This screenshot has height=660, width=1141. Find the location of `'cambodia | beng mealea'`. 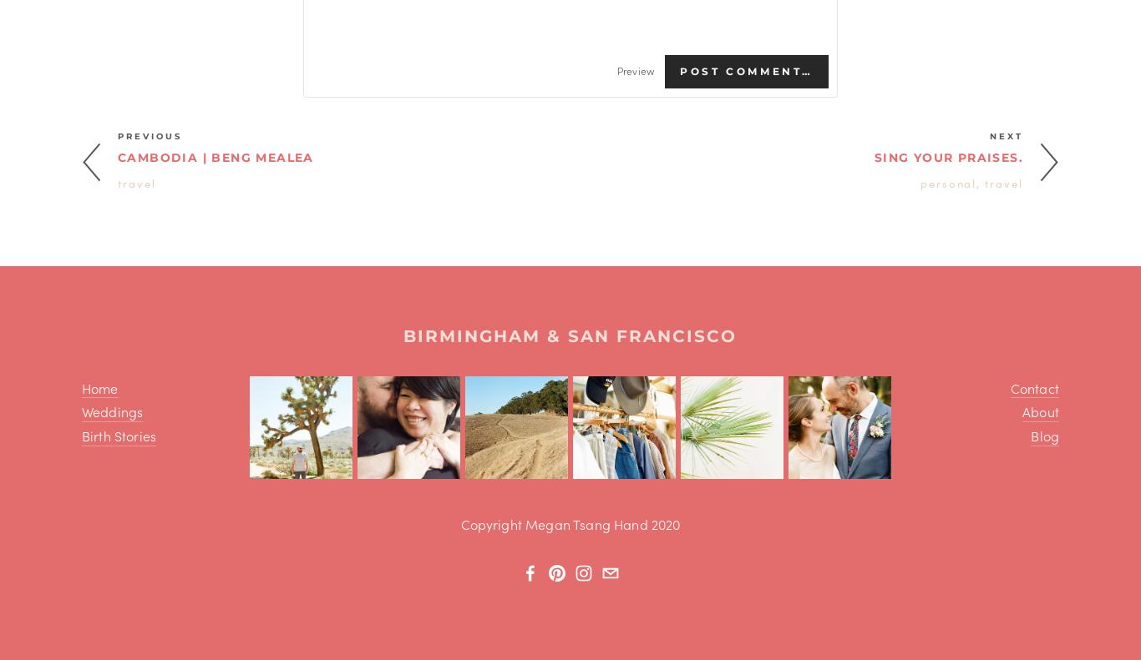

'cambodia | beng mealea' is located at coordinates (216, 157).